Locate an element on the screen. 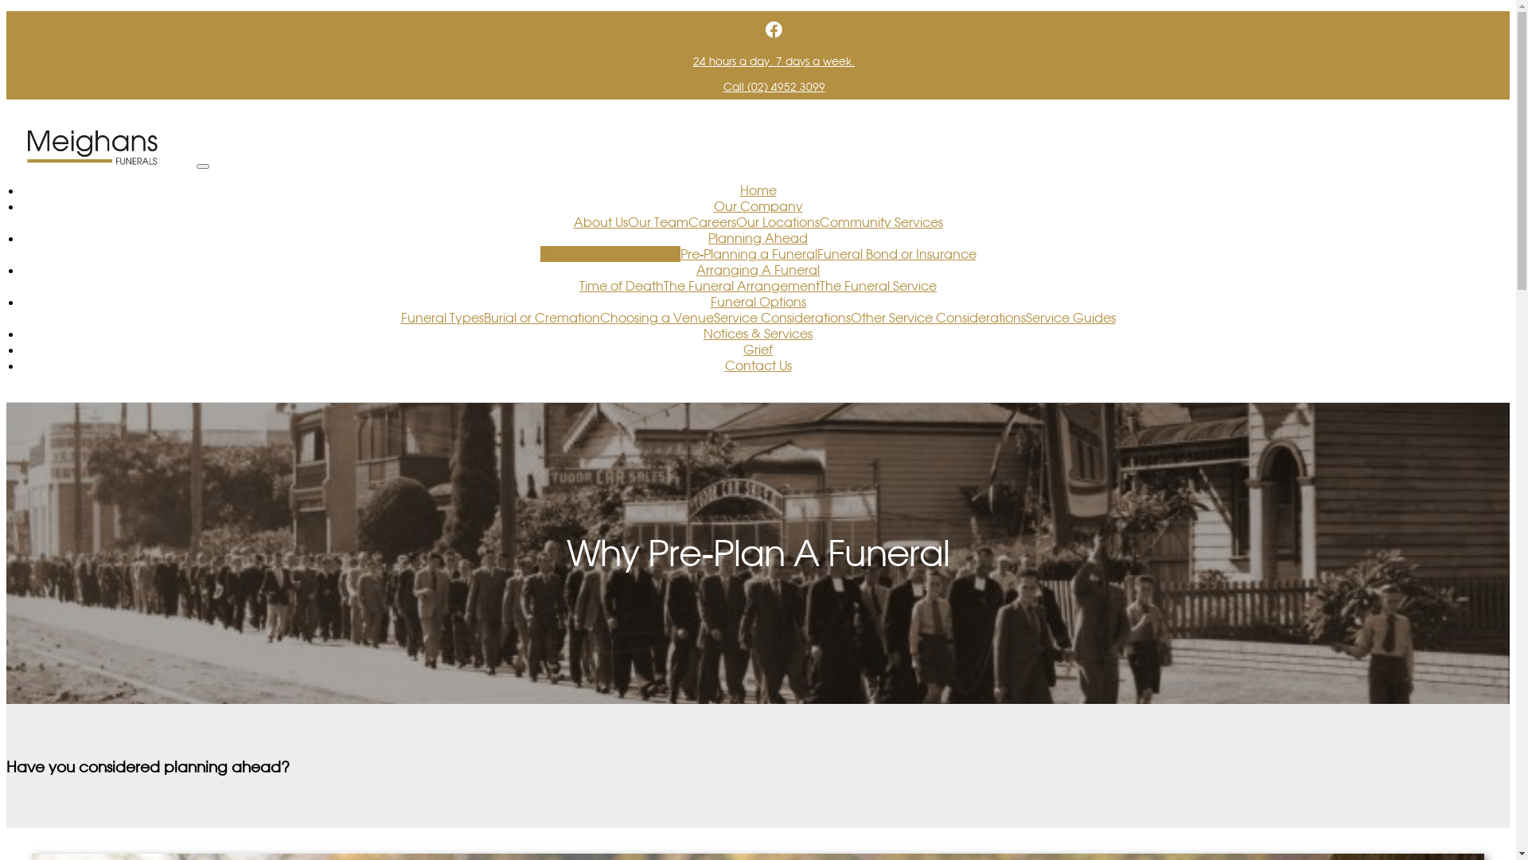 This screenshot has height=860, width=1528. '24 hours a day. 7 days a week.' is located at coordinates (774, 61).